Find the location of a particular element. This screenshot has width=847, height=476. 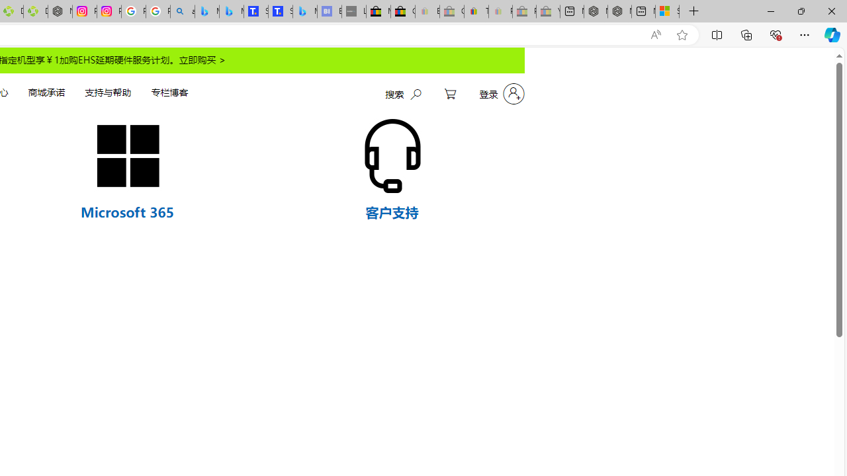

'Shangri-La Bangkok, Hotel reviews and Room rates' is located at coordinates (279, 11).